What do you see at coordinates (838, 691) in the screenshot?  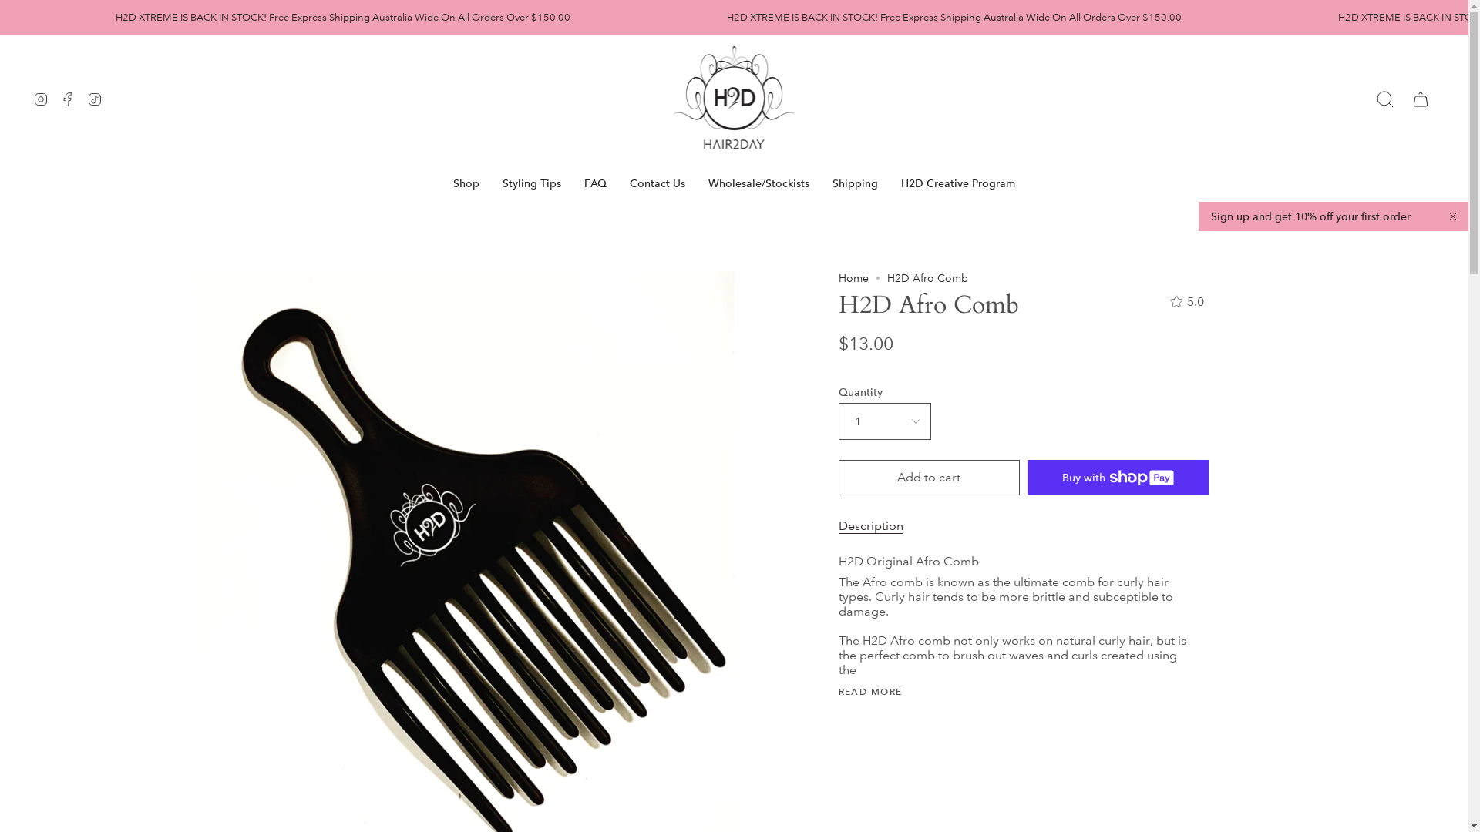 I see `'READ MORE'` at bounding box center [838, 691].